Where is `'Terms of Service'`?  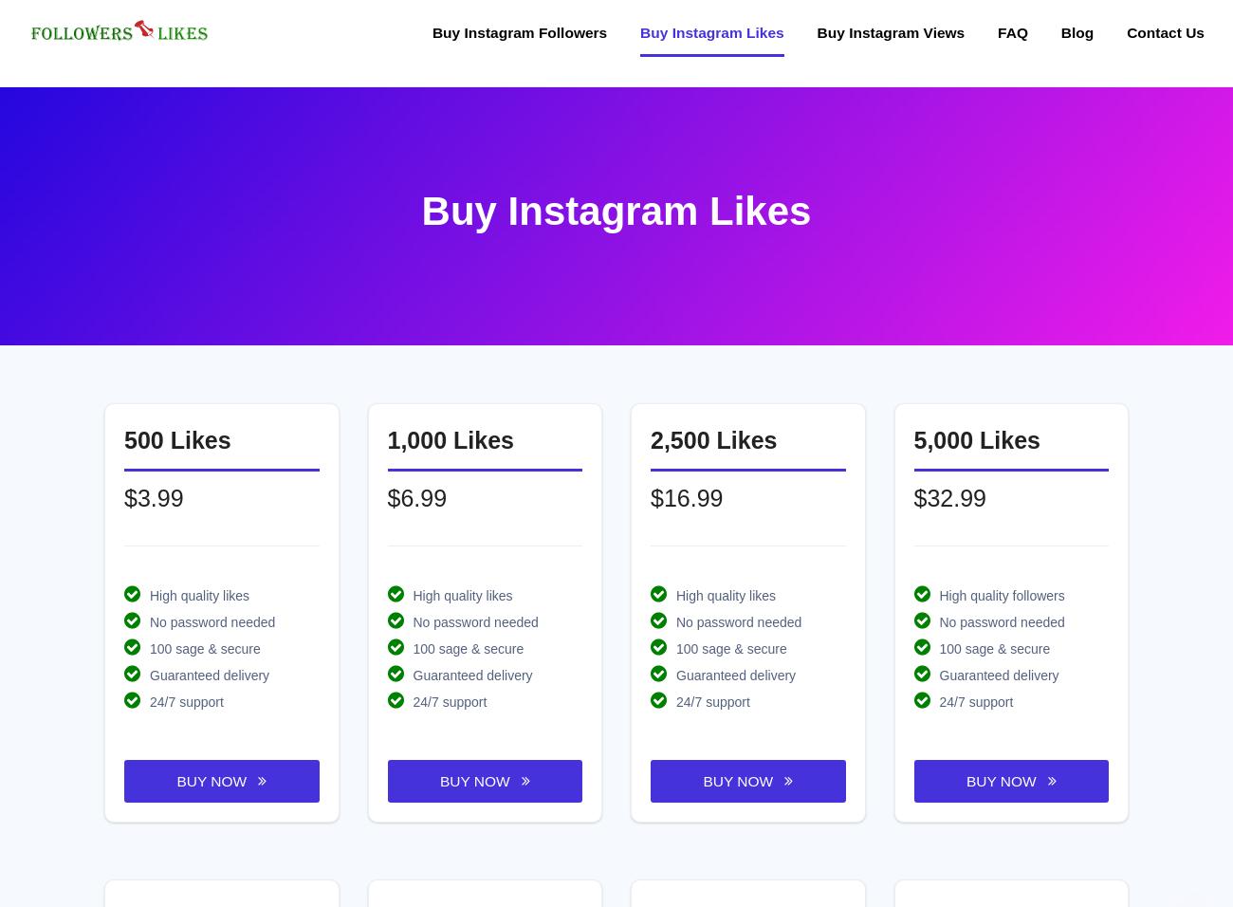
'Terms of Service' is located at coordinates (679, 685).